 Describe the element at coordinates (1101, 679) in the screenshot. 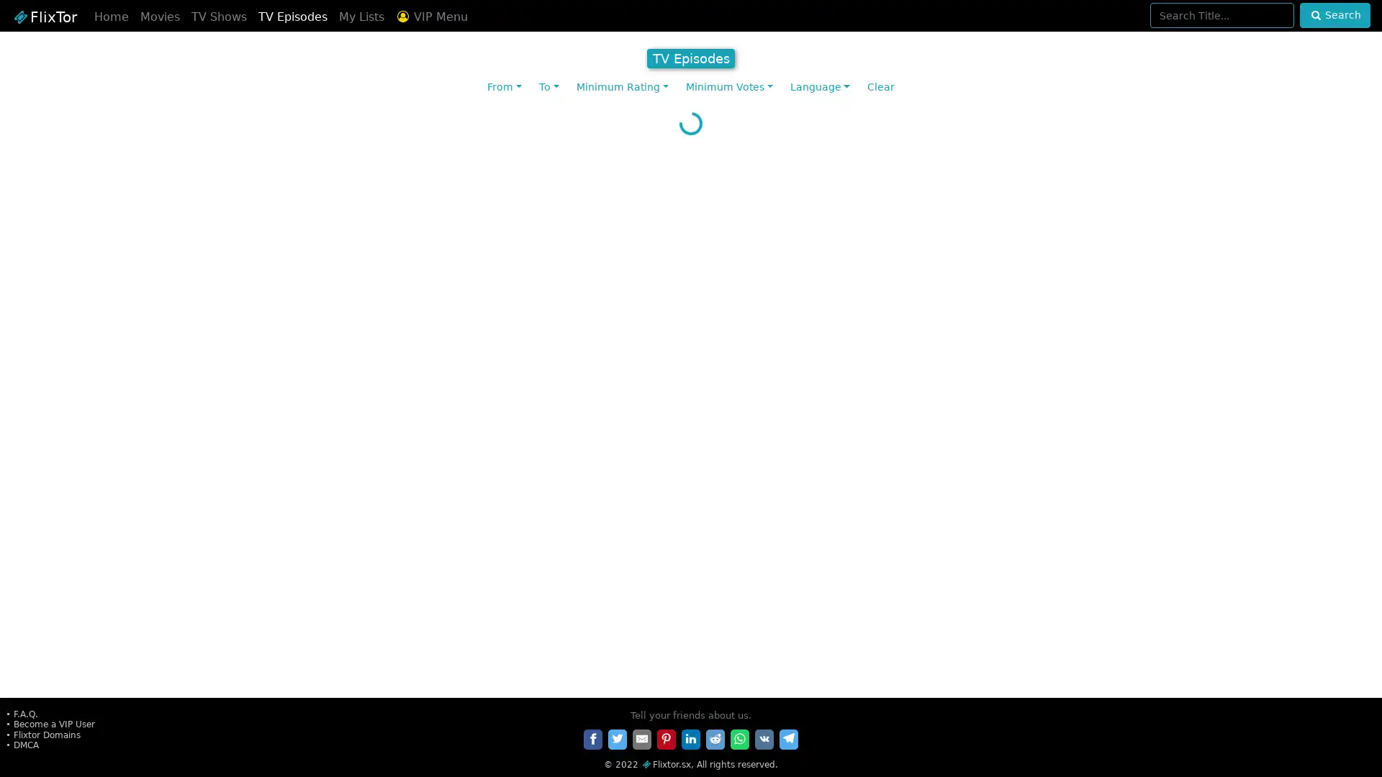

I see `Watch Now` at that location.